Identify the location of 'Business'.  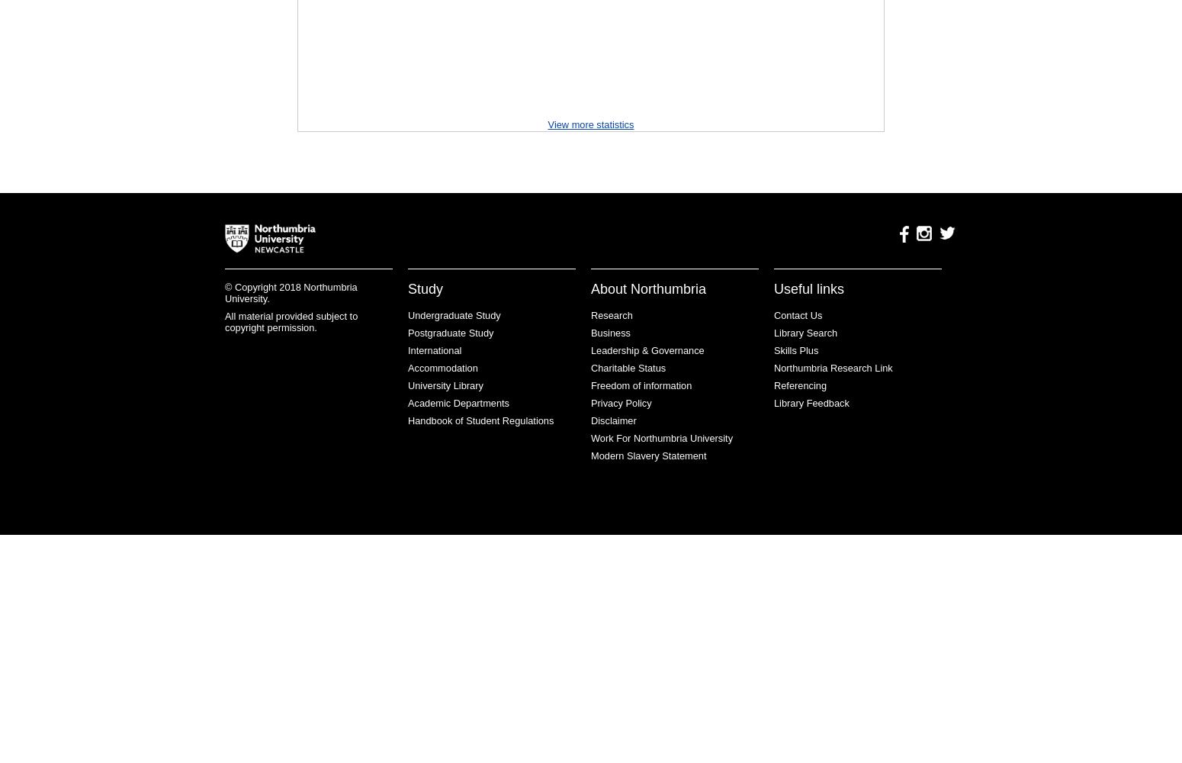
(591, 333).